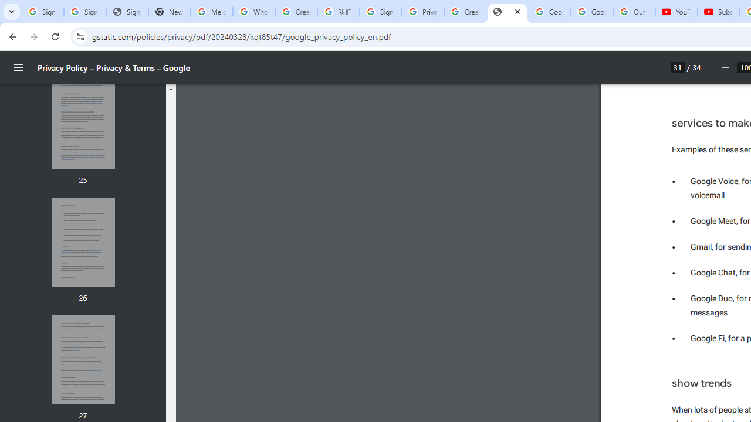 This screenshot has height=422, width=751. I want to click on 'Create your Google Account', so click(464, 12).